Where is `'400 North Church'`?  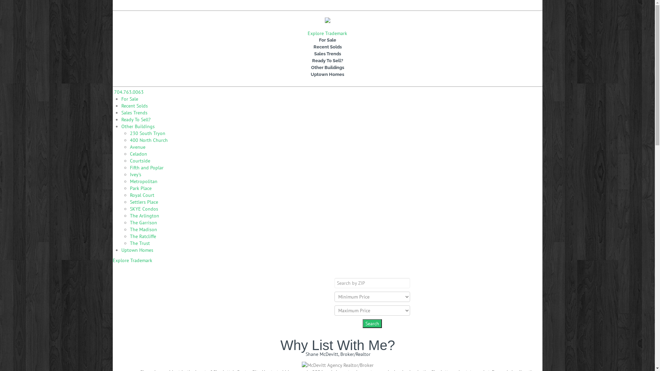
'400 North Church' is located at coordinates (148, 140).